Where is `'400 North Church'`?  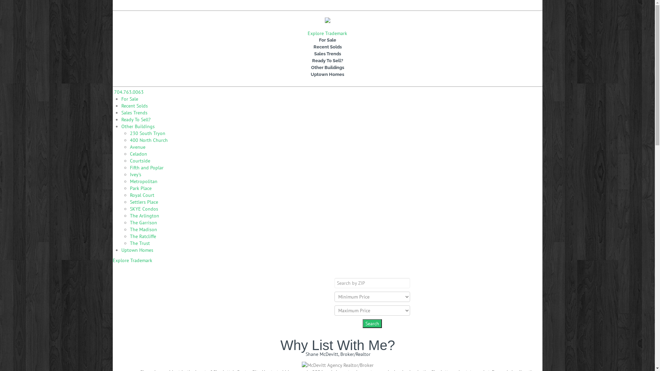
'400 North Church' is located at coordinates (148, 140).